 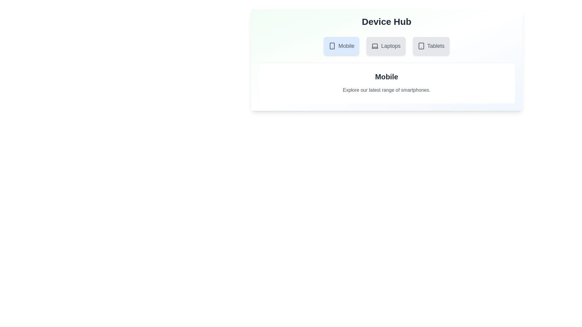 What do you see at coordinates (386, 45) in the screenshot?
I see `the tab labeled Laptops to inspect its visual styles` at bounding box center [386, 45].